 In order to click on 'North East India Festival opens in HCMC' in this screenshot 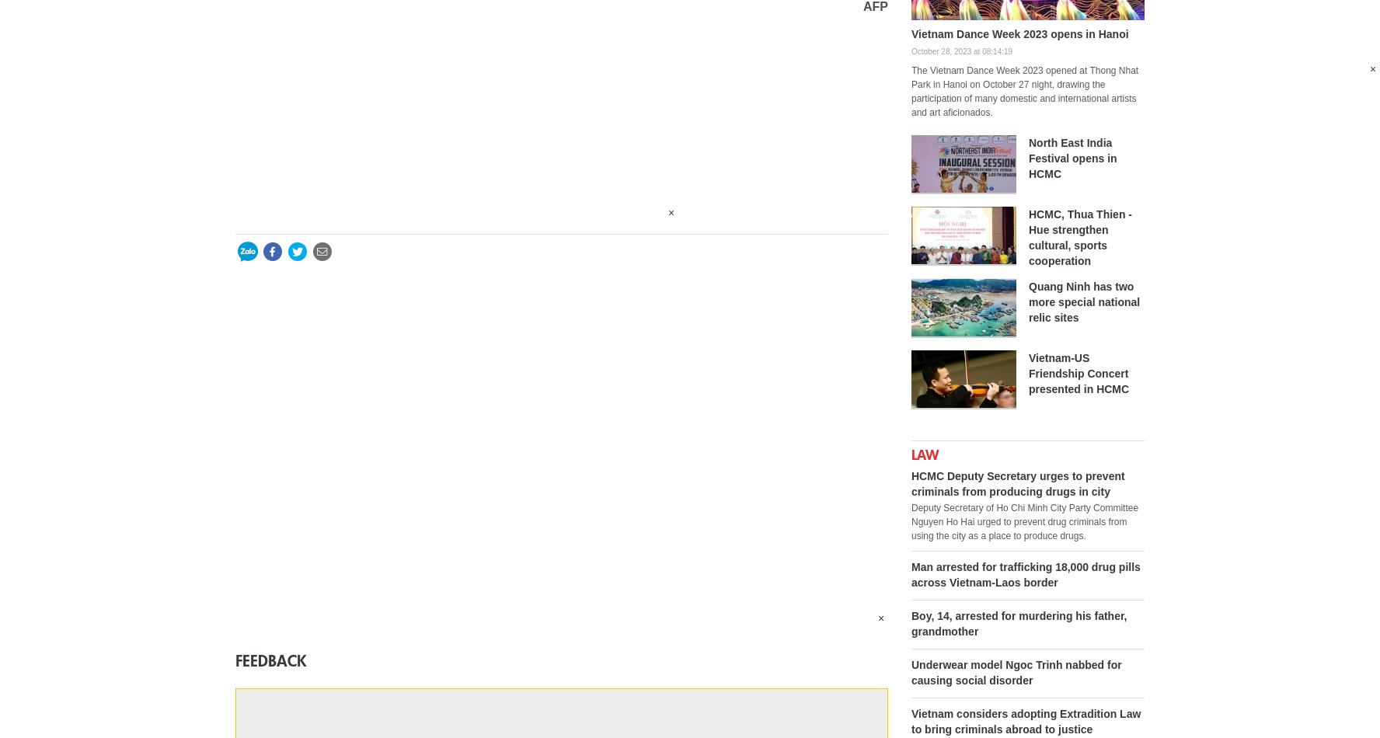, I will do `click(1072, 158)`.